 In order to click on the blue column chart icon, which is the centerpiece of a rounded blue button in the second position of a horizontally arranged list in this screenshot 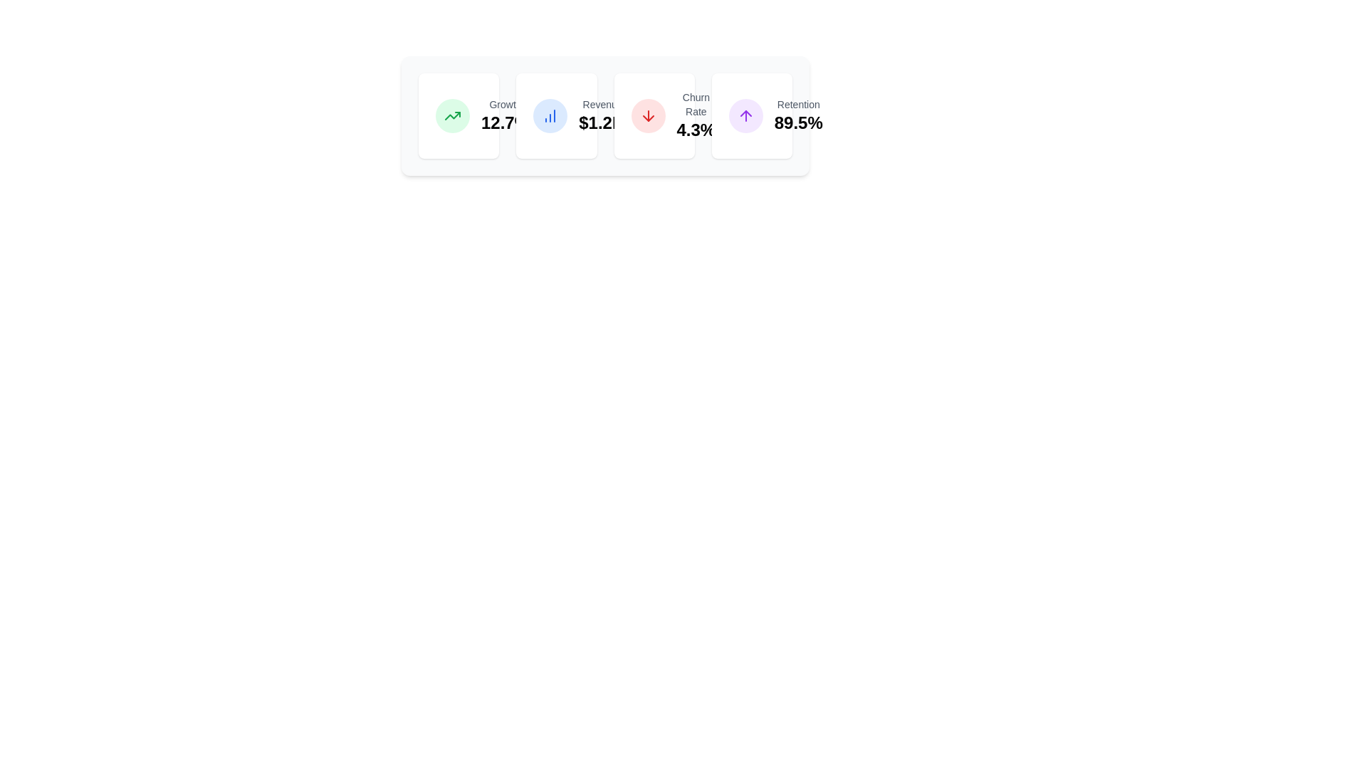, I will do `click(550, 115)`.